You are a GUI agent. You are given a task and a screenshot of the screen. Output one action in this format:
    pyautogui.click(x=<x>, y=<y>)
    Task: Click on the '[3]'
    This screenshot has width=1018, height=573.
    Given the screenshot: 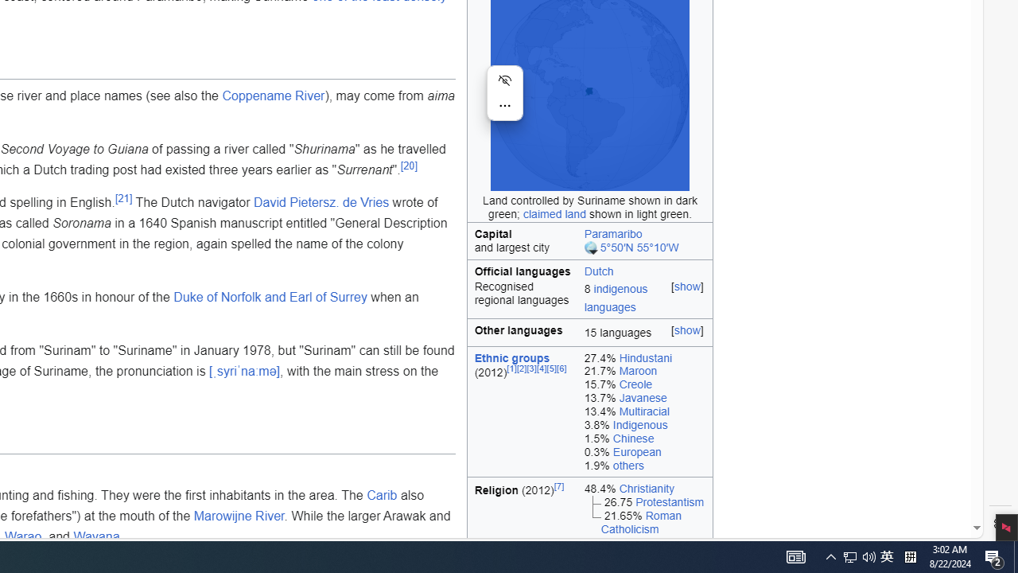 What is the action you would take?
    pyautogui.click(x=531, y=368)
    